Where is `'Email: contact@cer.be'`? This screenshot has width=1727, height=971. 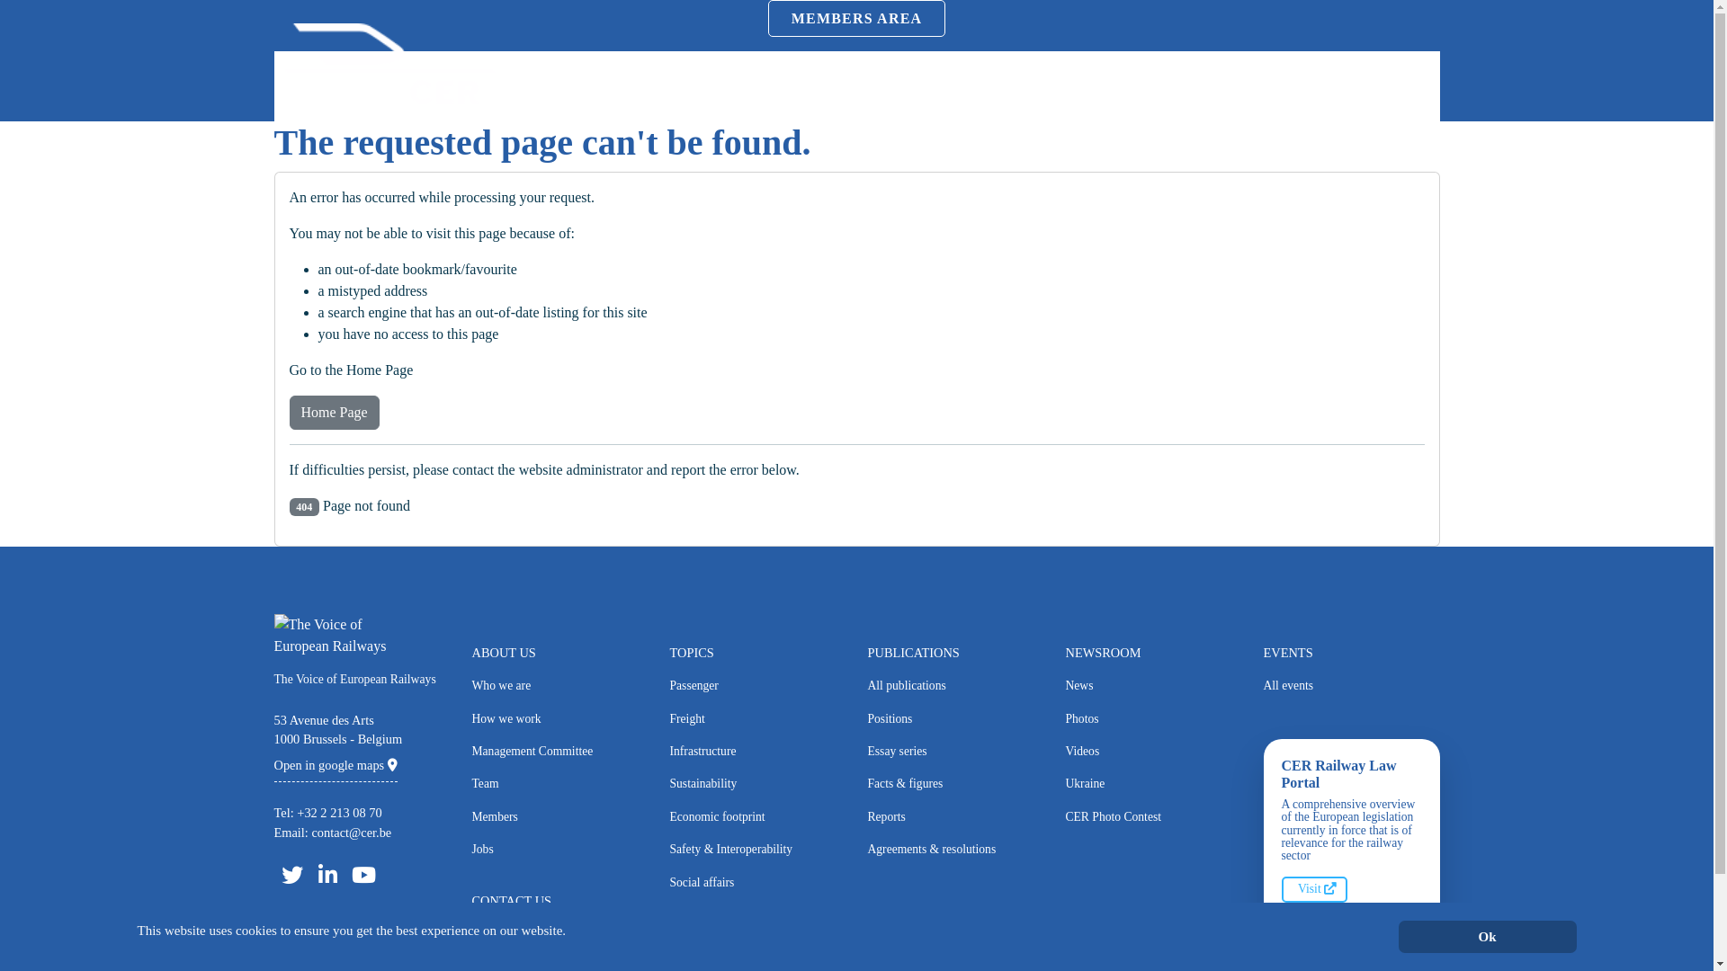 'Email: contact@cer.be' is located at coordinates (272, 832).